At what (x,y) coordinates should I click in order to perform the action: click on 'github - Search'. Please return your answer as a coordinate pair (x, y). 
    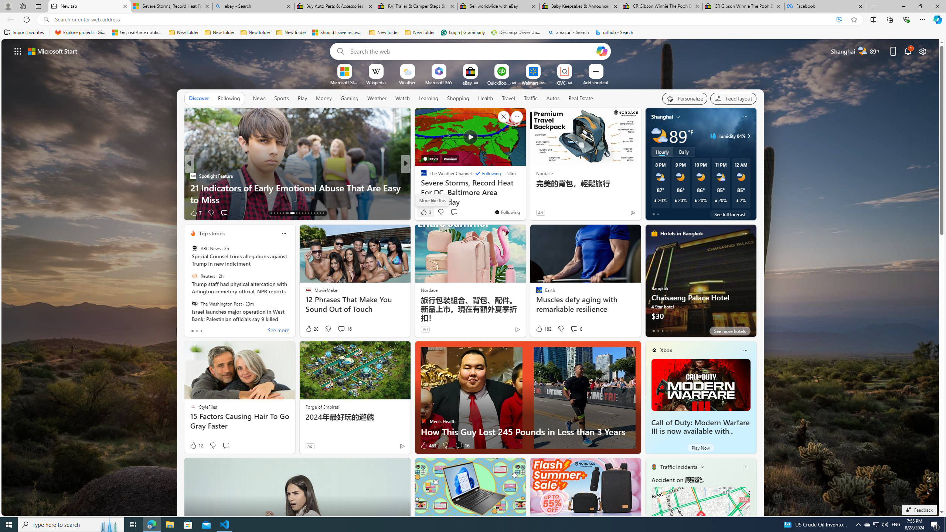
    Looking at the image, I should click on (614, 32).